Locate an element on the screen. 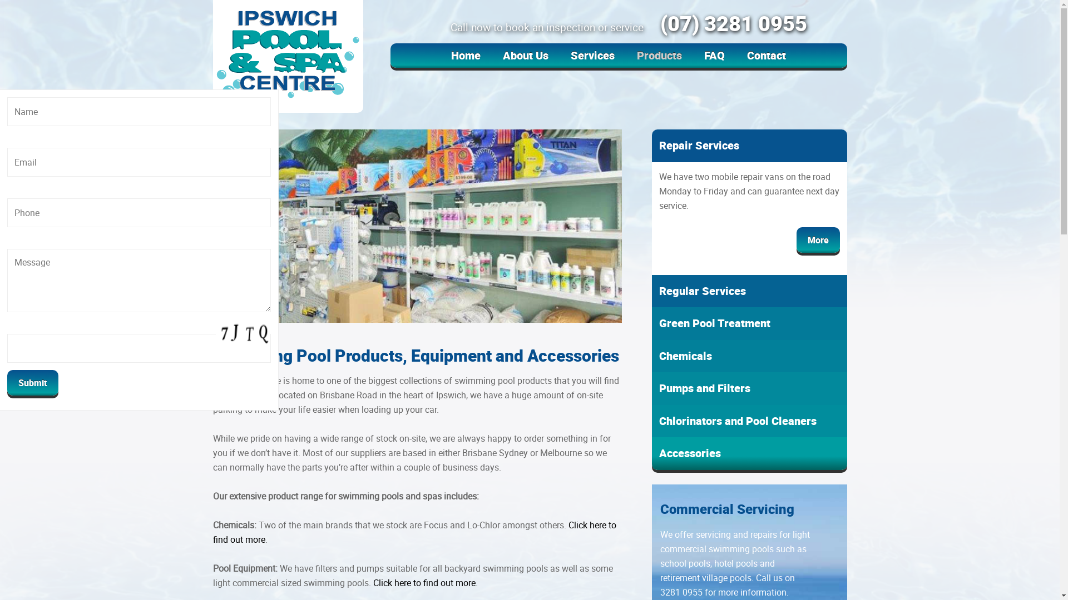 The height and width of the screenshot is (600, 1068). 'More' is located at coordinates (818, 239).